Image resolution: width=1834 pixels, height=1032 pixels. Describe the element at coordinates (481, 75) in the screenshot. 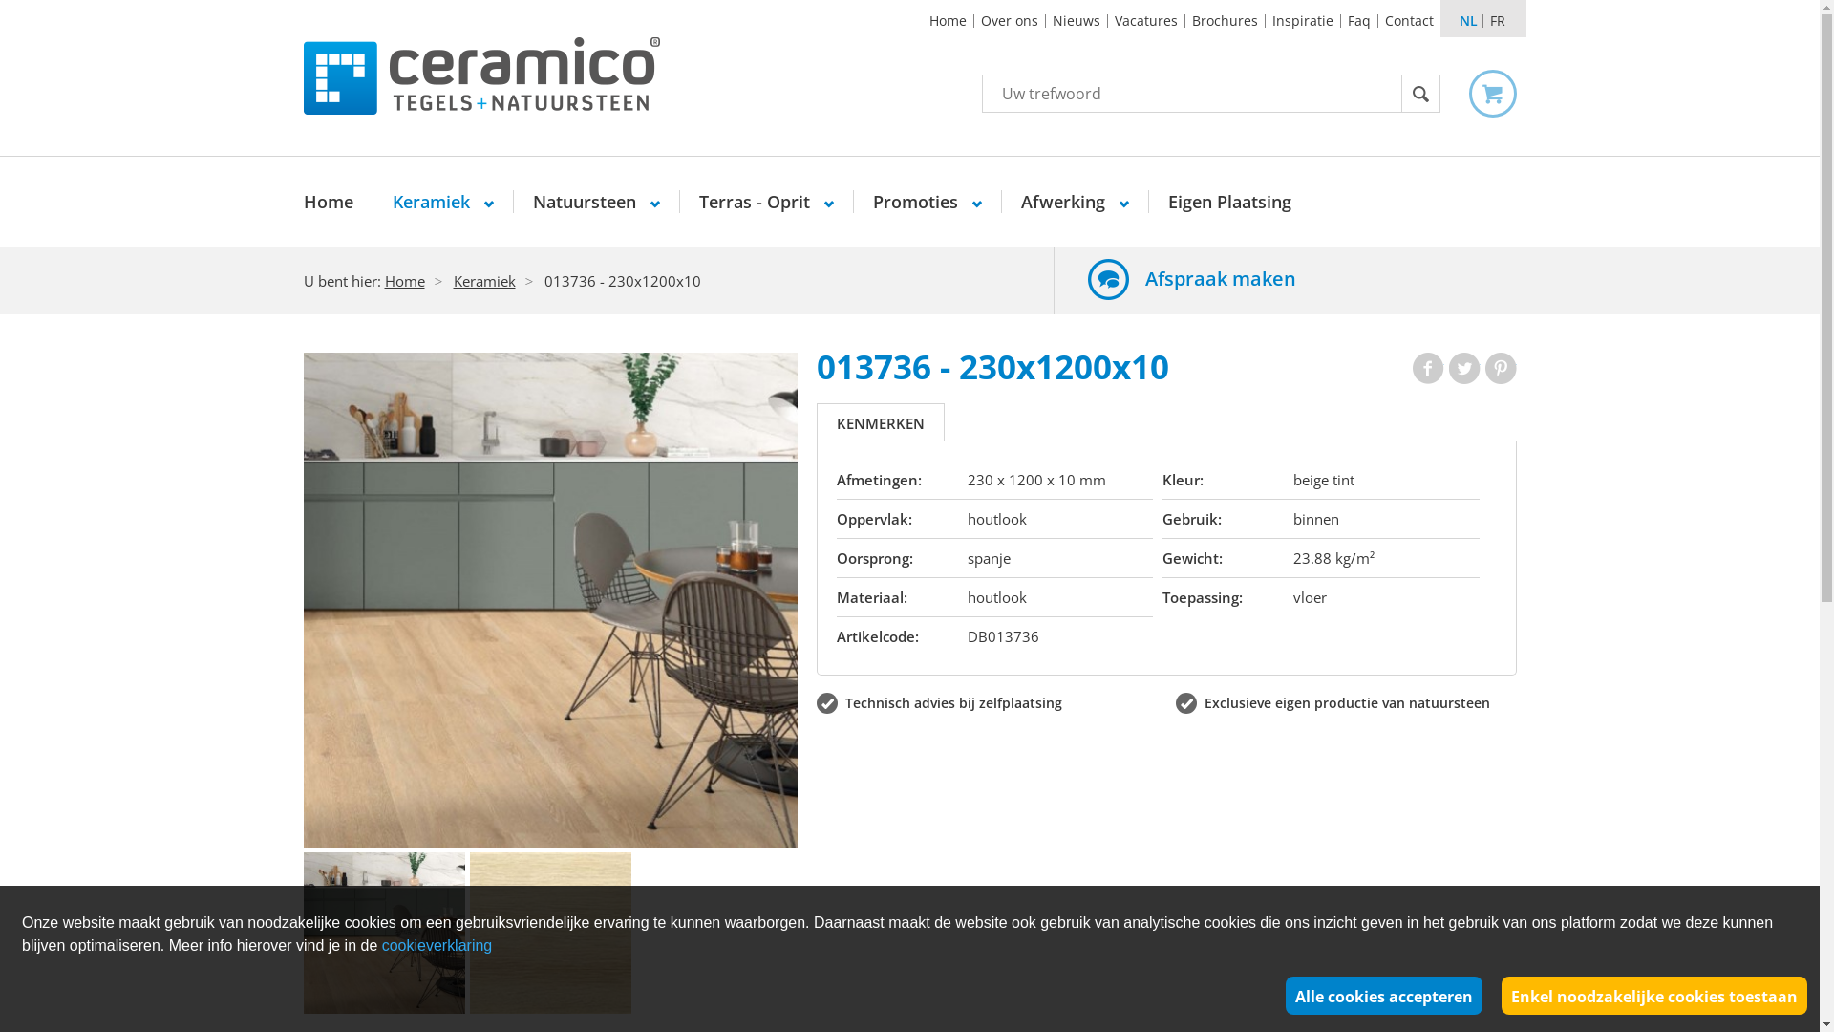

I see `'Ceramico Tegels Natuursteen'` at that location.